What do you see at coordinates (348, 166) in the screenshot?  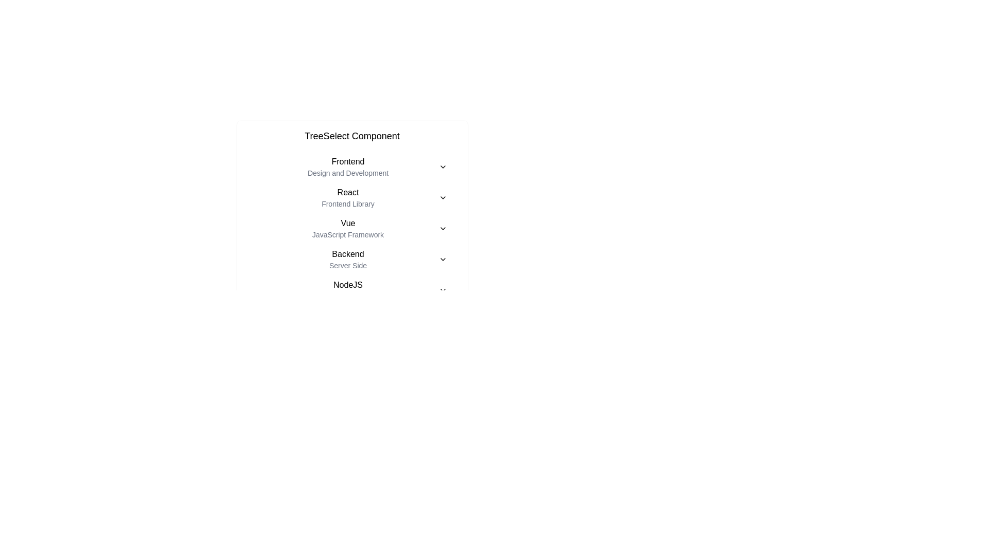 I see `the first tree node item in the TreeSelect Component` at bounding box center [348, 166].